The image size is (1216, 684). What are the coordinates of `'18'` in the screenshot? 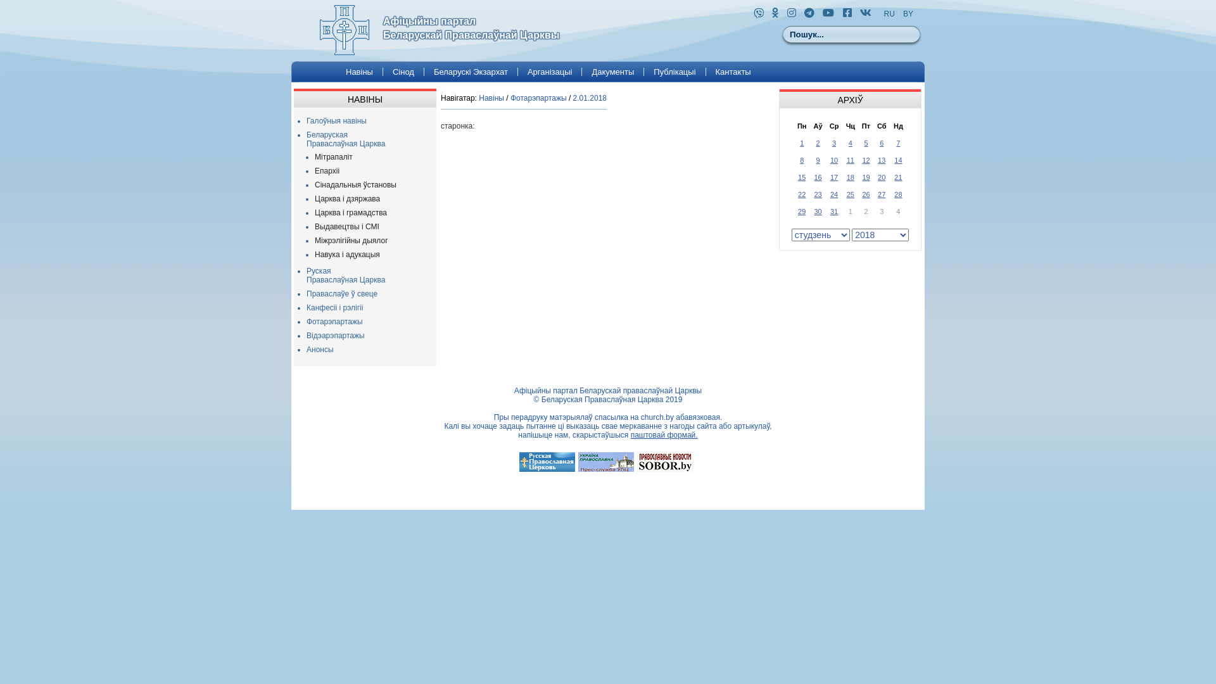 It's located at (851, 177).